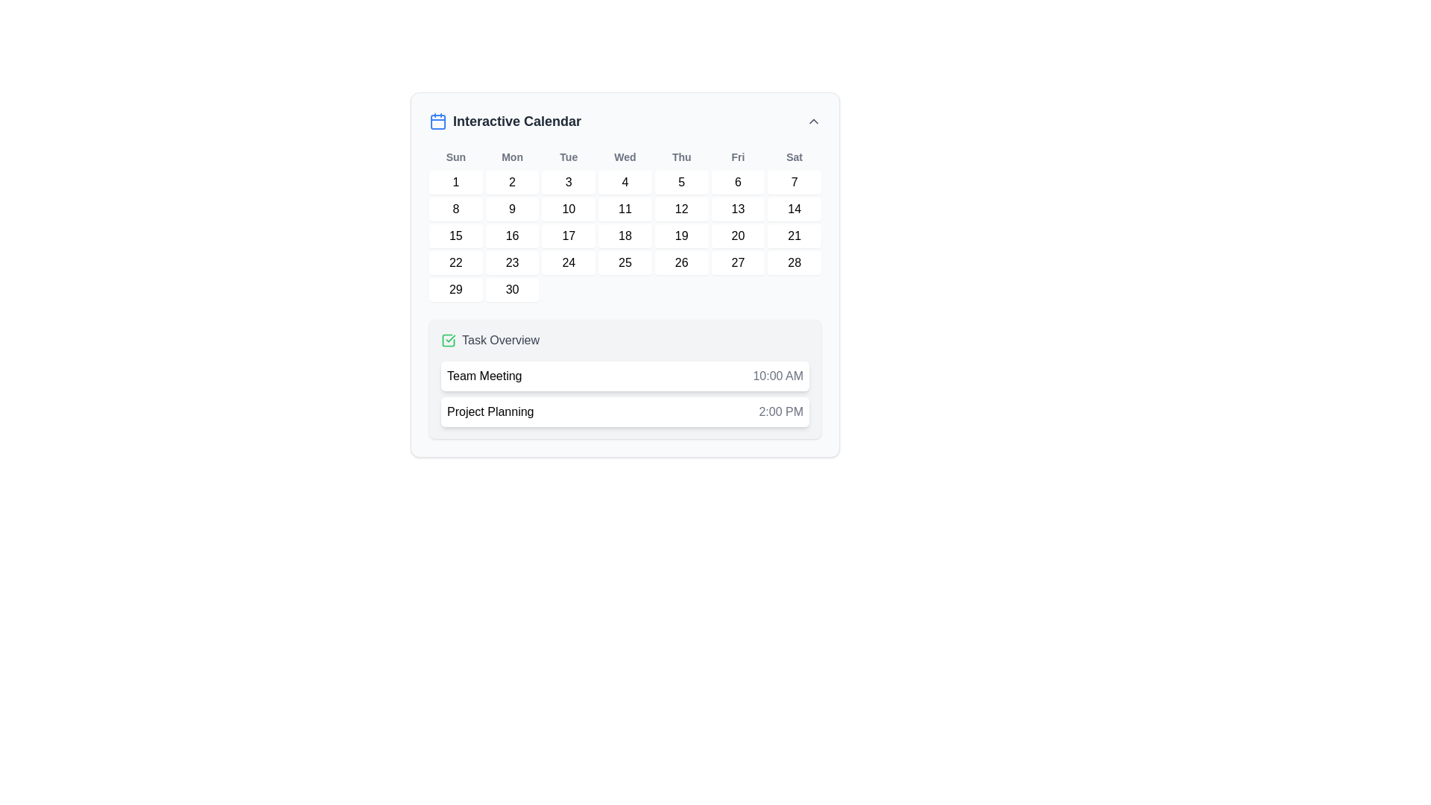 The width and height of the screenshot is (1431, 805). I want to click on the green checkmark icon in the 'Task Overview' section, which indicates a completed state, so click(447, 340).